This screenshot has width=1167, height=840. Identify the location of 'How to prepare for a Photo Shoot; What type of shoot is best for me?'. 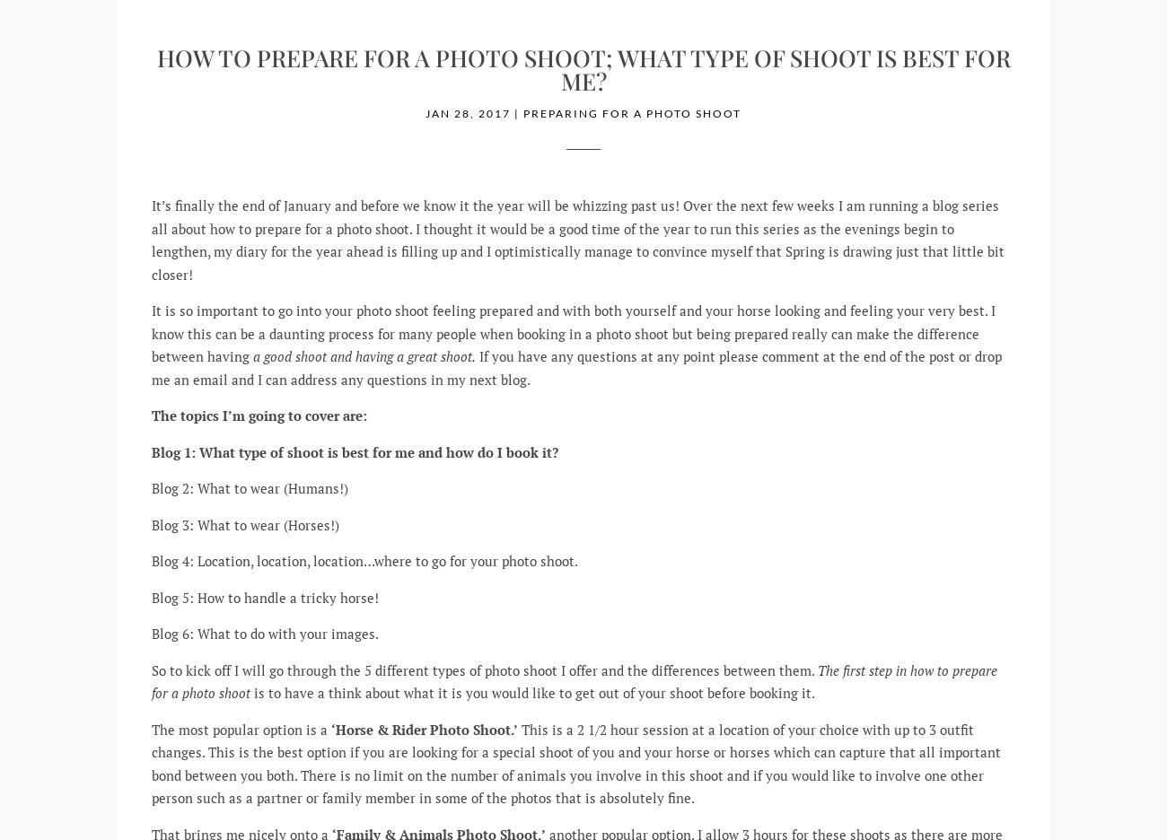
(583, 69).